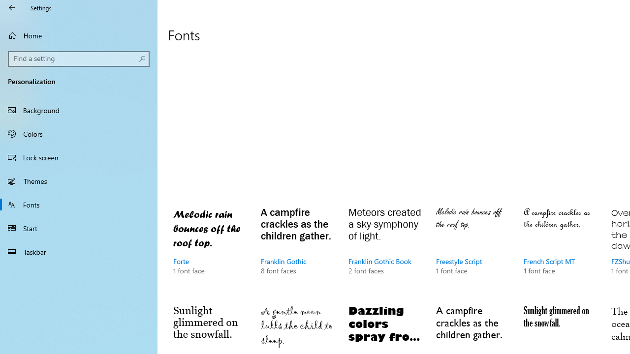 This screenshot has width=630, height=354. Describe the element at coordinates (79, 133) in the screenshot. I see `'Colors'` at that location.